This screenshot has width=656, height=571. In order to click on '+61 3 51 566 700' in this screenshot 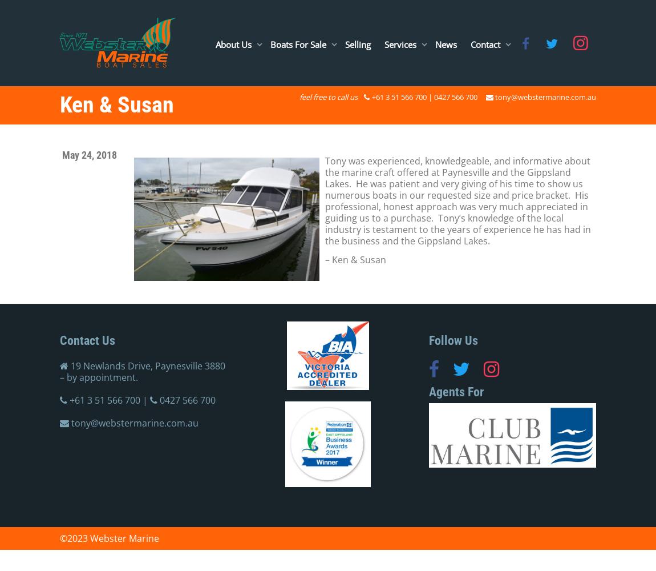, I will do `click(104, 400)`.